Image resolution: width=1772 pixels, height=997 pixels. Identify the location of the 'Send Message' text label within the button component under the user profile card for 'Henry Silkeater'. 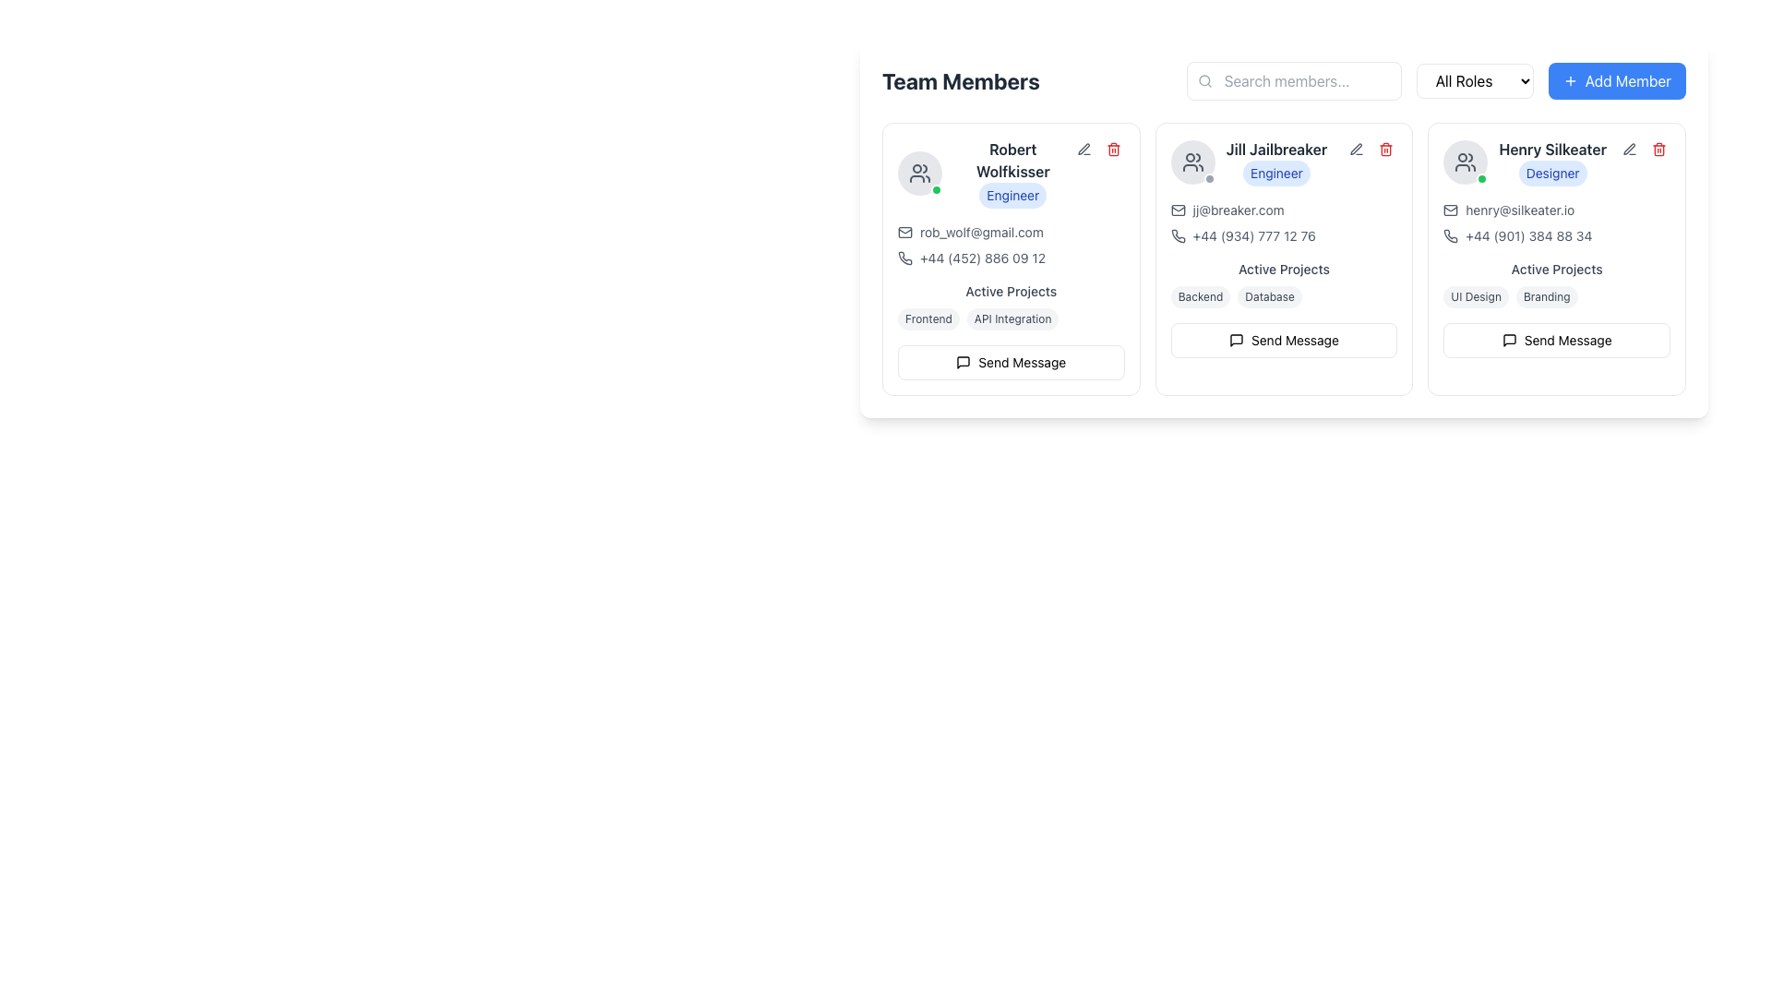
(1567, 341).